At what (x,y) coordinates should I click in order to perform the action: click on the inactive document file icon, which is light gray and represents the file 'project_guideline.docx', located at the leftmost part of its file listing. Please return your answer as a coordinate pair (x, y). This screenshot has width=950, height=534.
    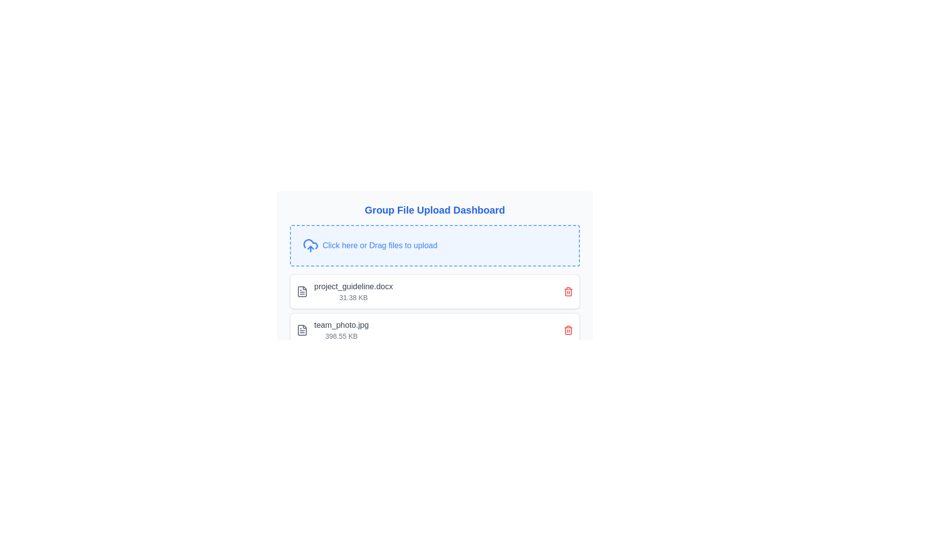
    Looking at the image, I should click on (301, 291).